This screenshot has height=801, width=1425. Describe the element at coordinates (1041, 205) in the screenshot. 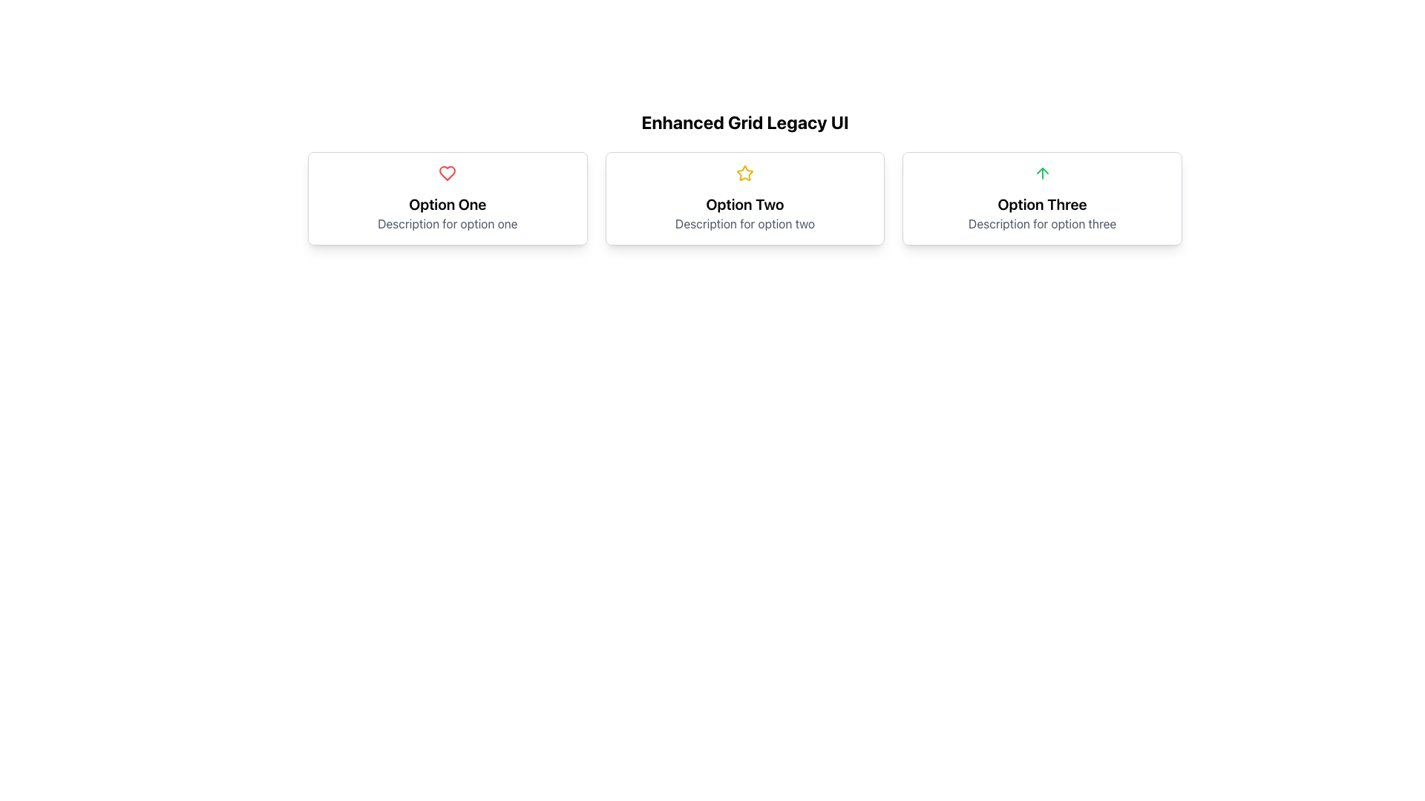

I see `the text label displaying 'Option Three', which is styled in bold and large font, located within the rightmost card and positioned directly above its description` at that location.